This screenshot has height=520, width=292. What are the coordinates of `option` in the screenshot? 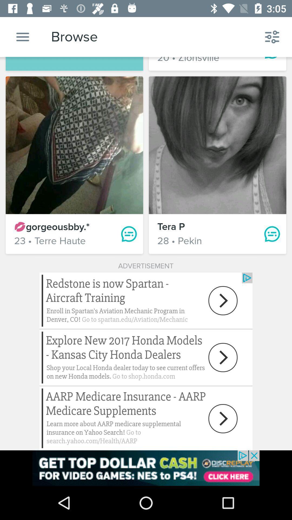 It's located at (22, 37).